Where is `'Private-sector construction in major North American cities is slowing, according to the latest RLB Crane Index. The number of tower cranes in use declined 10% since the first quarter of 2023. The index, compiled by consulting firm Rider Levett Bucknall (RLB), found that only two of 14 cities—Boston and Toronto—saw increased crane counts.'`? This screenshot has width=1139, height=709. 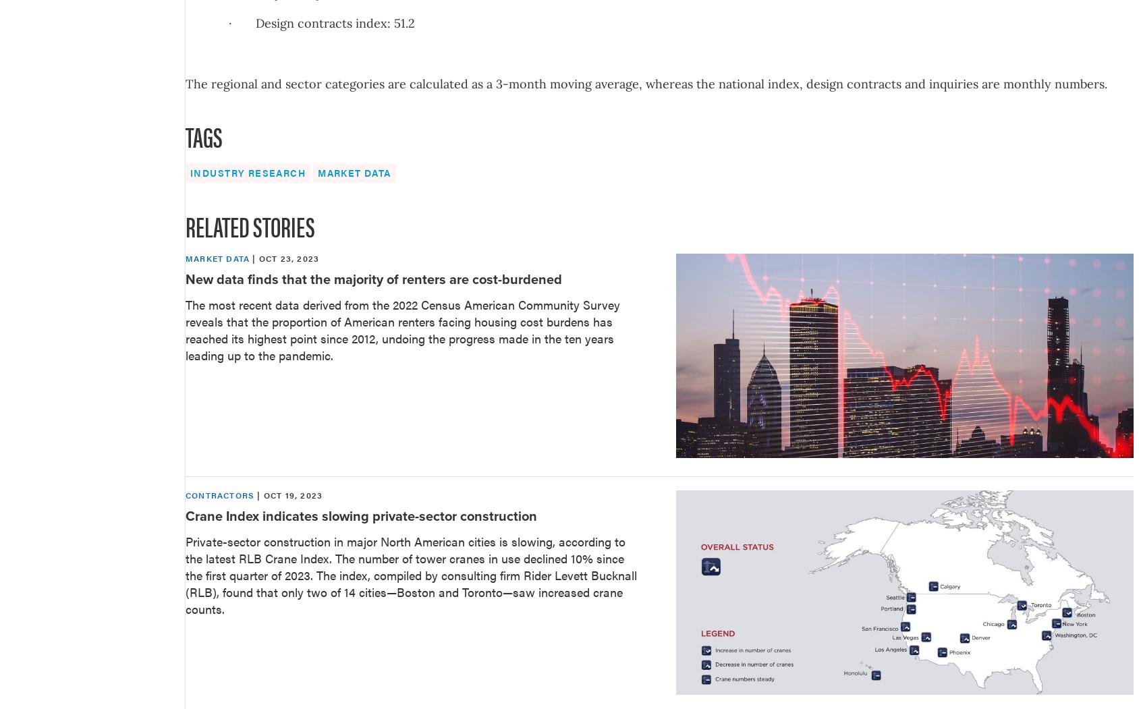 'Private-sector construction in major North American cities is slowing, according to the latest RLB Crane Index. The number of tower cranes in use declined 10% since the first quarter of 2023. The index, compiled by consulting firm Rider Levett Bucknall (RLB), found that only two of 14 cities—Boston and Toronto—saw increased crane counts.' is located at coordinates (411, 574).